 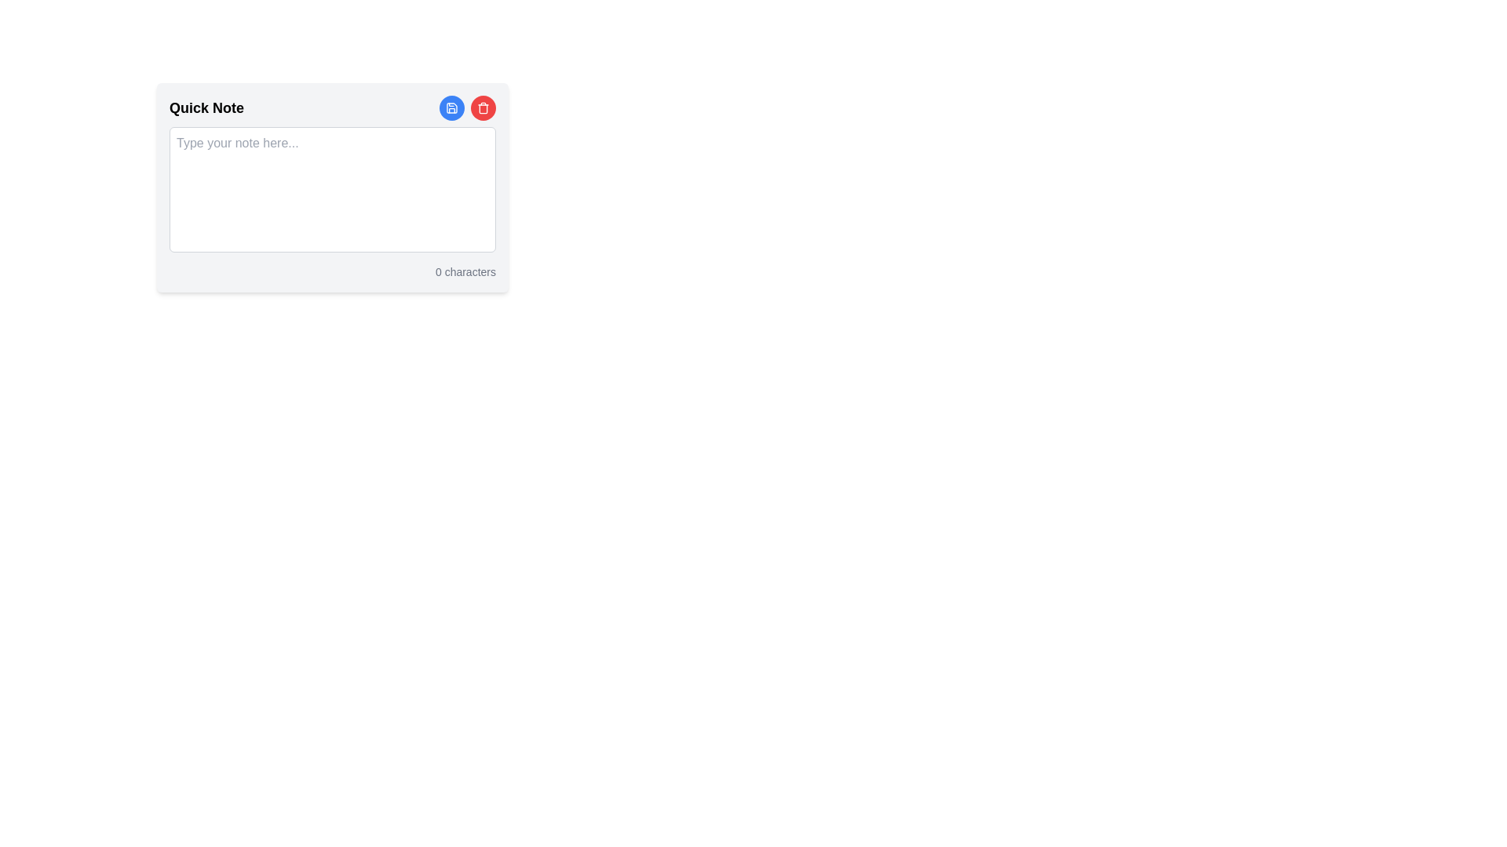 I want to click on the circular blue save button with a white save icon located at the top-right of the note-taking interface, so click(x=451, y=107).